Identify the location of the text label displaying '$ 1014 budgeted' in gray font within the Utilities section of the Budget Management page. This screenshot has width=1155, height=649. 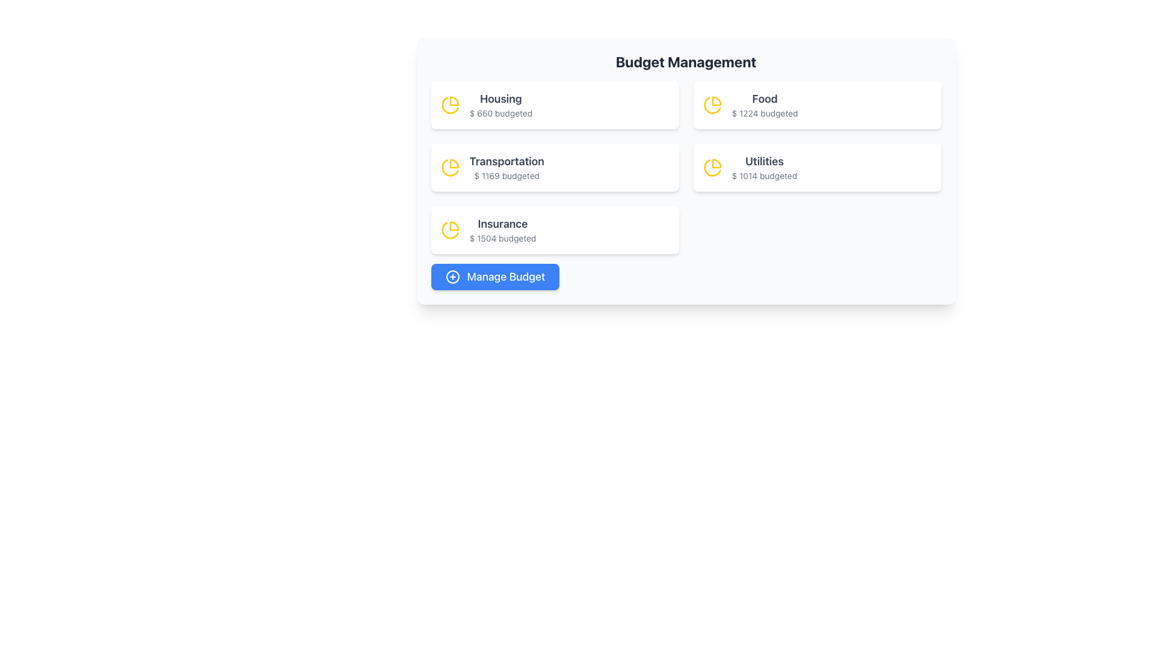
(763, 176).